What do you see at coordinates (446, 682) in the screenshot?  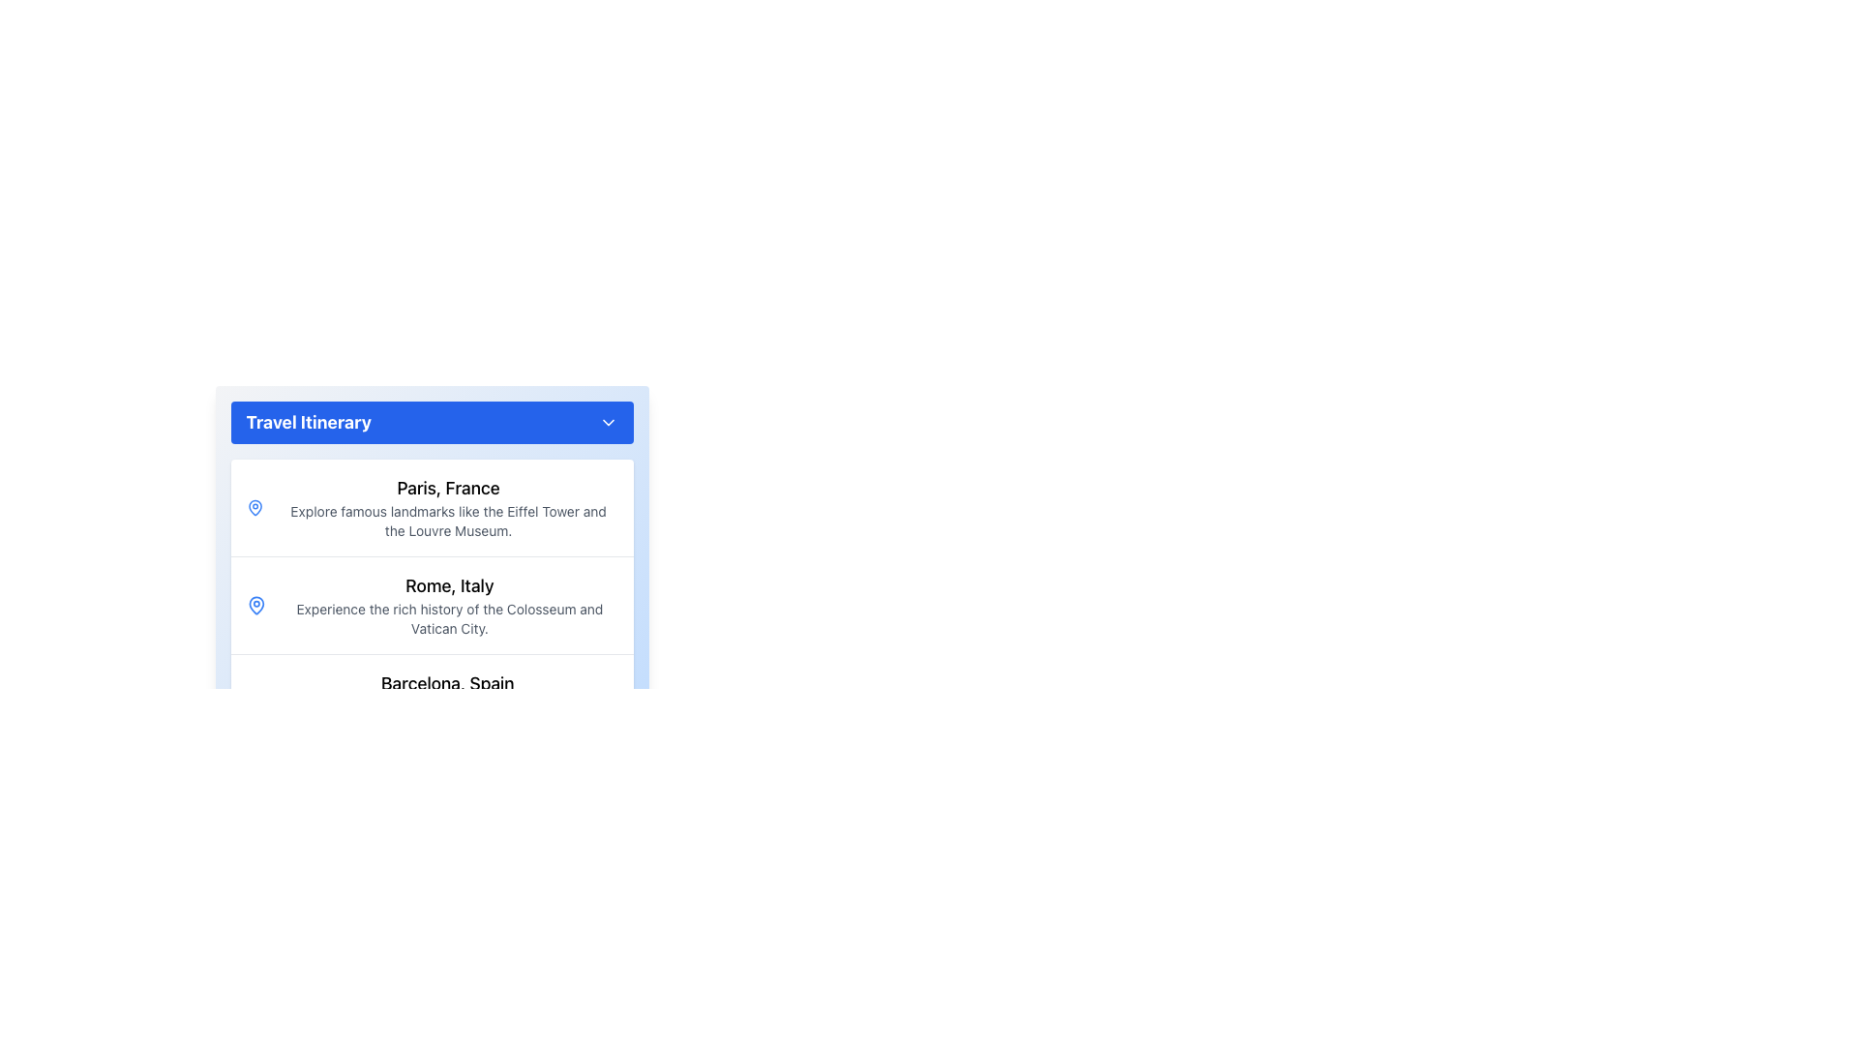 I see `text label indicating the travel destination 'Barcelona, Spain' located in the 'Travel Itinerary' section, positioned as the third title in the list` at bounding box center [446, 682].